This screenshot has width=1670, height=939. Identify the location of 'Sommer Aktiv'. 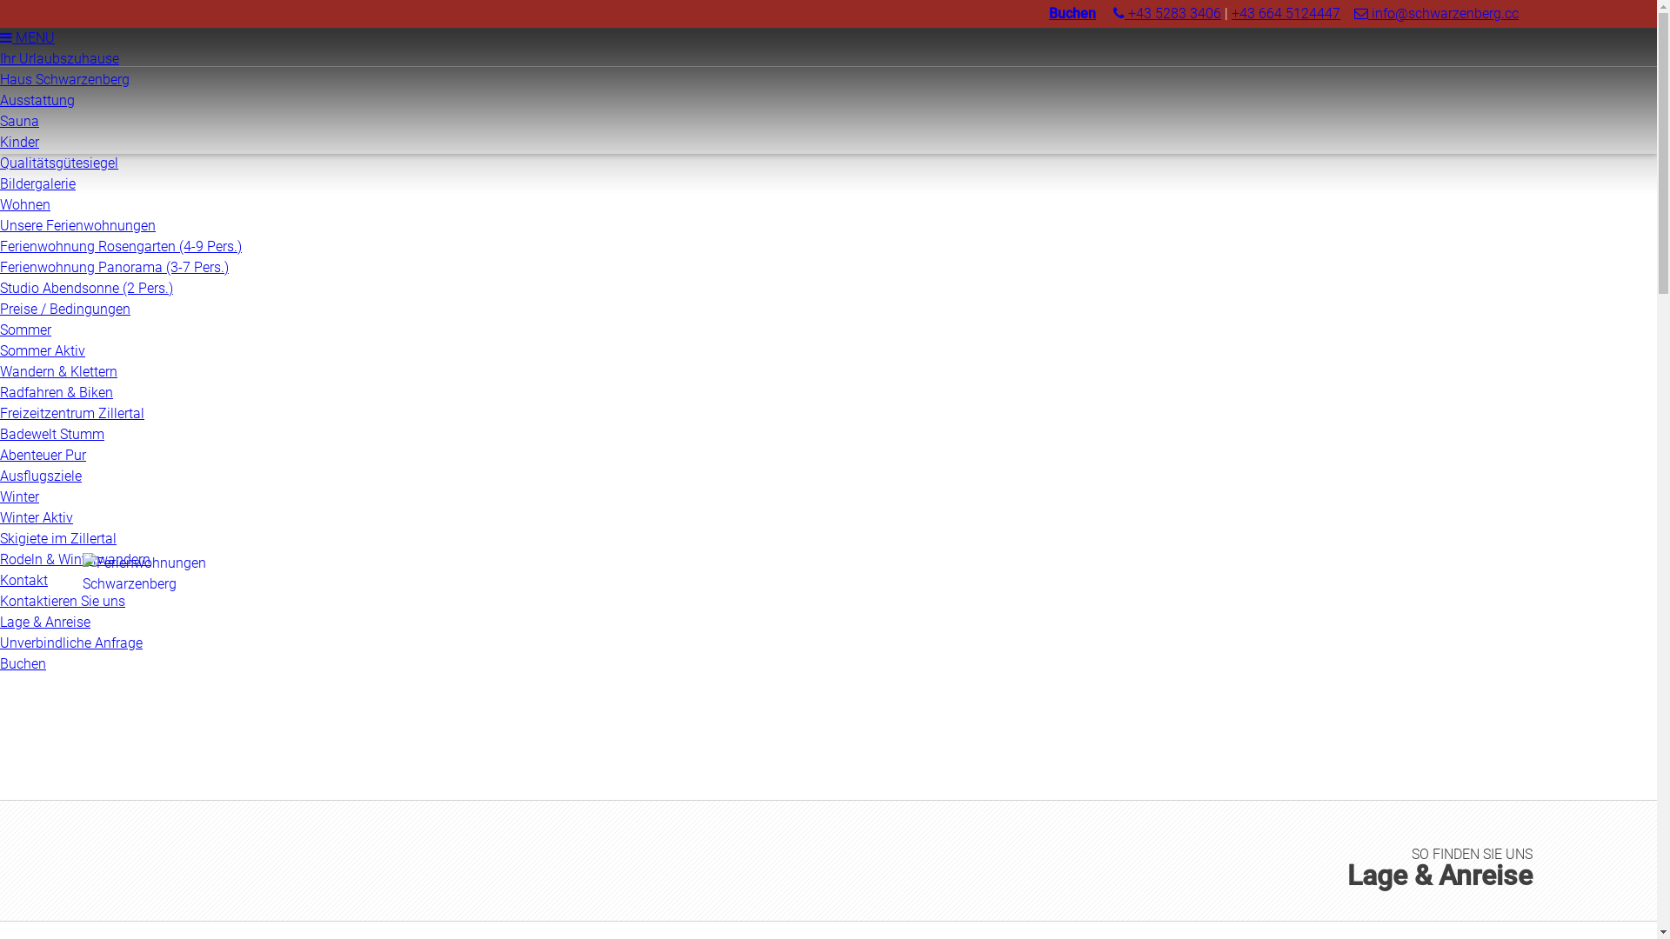
(42, 350).